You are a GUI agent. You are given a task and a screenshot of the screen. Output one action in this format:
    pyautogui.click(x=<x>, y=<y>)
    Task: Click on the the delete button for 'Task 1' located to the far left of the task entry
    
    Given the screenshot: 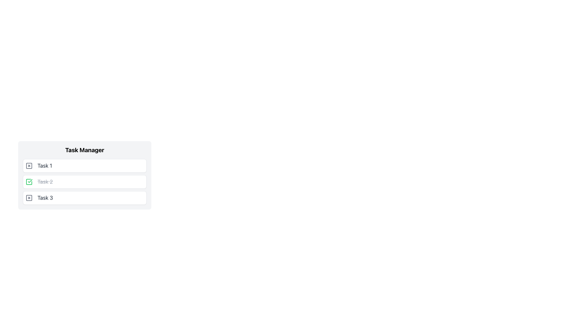 What is the action you would take?
    pyautogui.click(x=29, y=166)
    